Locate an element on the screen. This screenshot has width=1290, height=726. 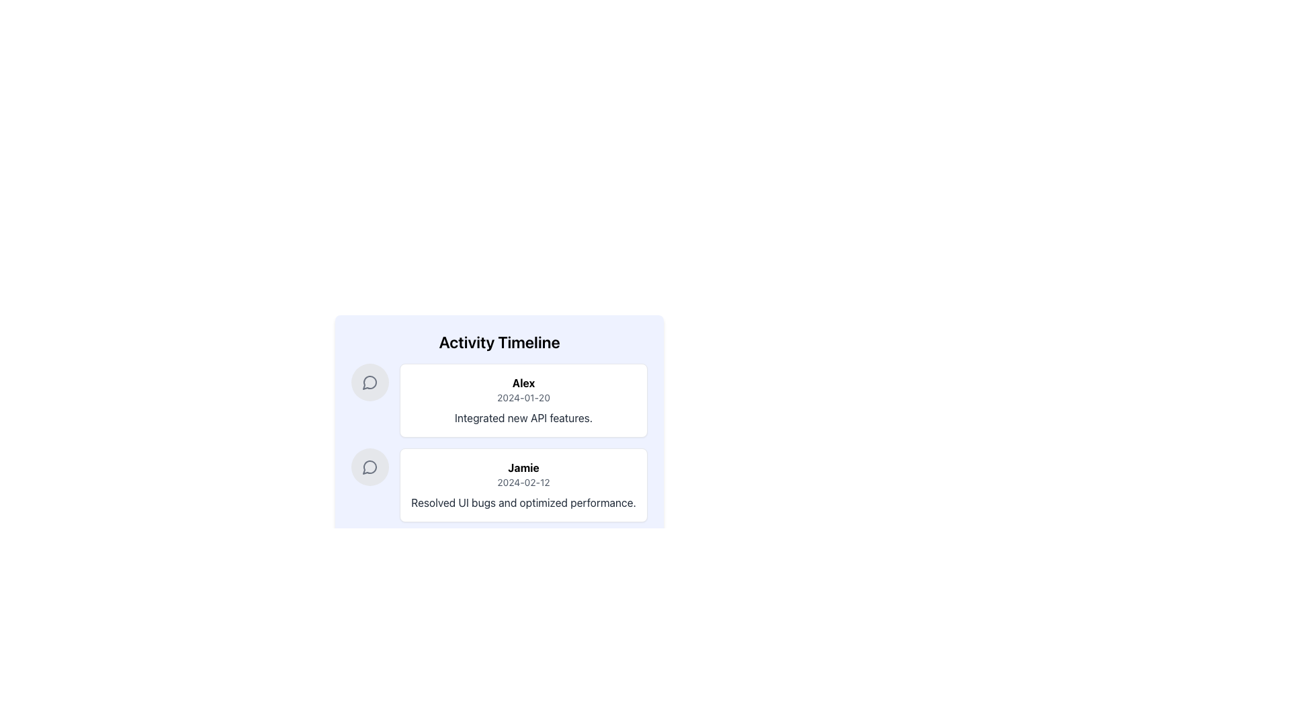
the text label that reads 'Resolved UI bugs and optimized performance.' which is styled in dark gray and positioned below the name 'Jamie' and the date '2024-02-12' is located at coordinates (523, 503).